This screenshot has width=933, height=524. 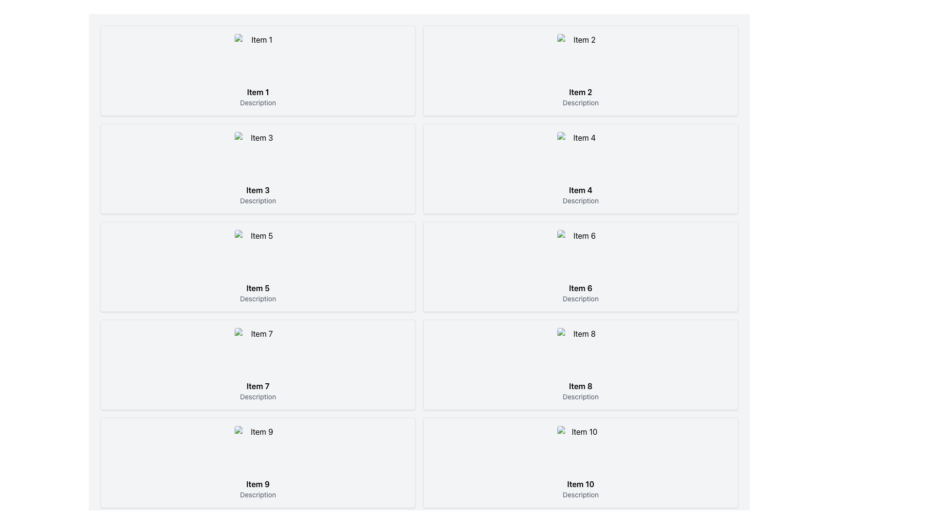 What do you see at coordinates (258, 92) in the screenshot?
I see `the text label that serves as the title or identifier for the content within the first box of a grid layout, positioned below an image and above a description text saying 'Description'` at bounding box center [258, 92].